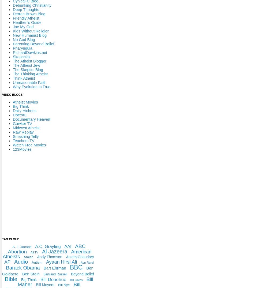  Describe the element at coordinates (87, 262) in the screenshot. I see `'Ayn Rand'` at that location.